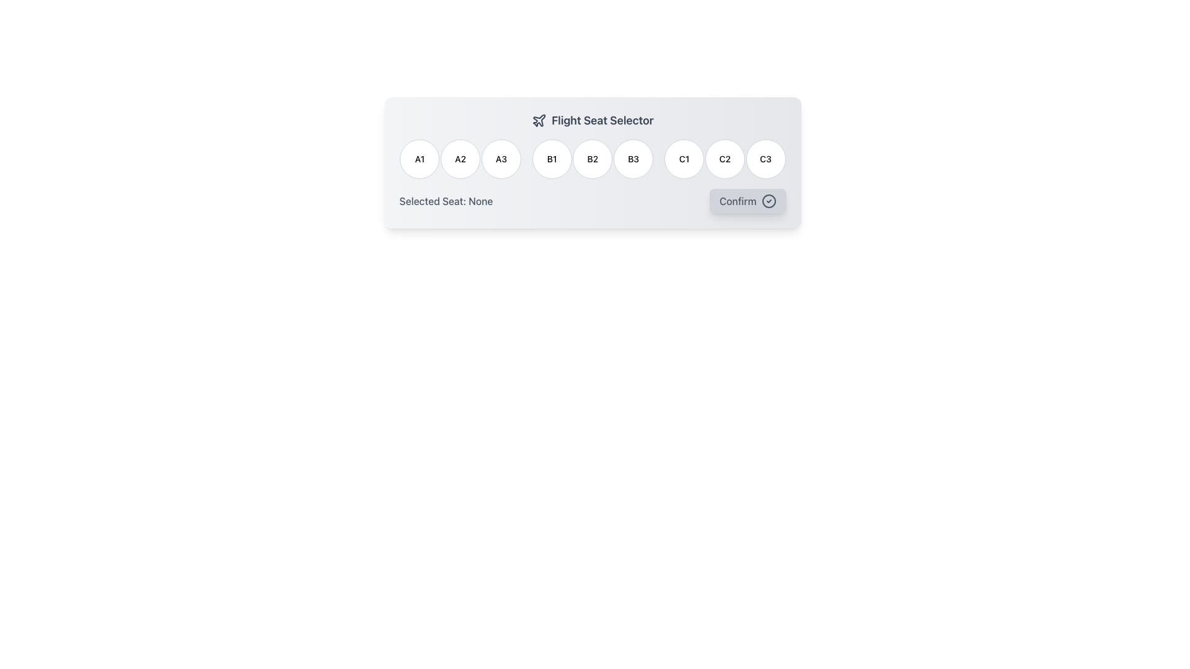 The image size is (1190, 669). I want to click on the 'A2' seat selection button in the flight seat selector interface, so click(460, 159).